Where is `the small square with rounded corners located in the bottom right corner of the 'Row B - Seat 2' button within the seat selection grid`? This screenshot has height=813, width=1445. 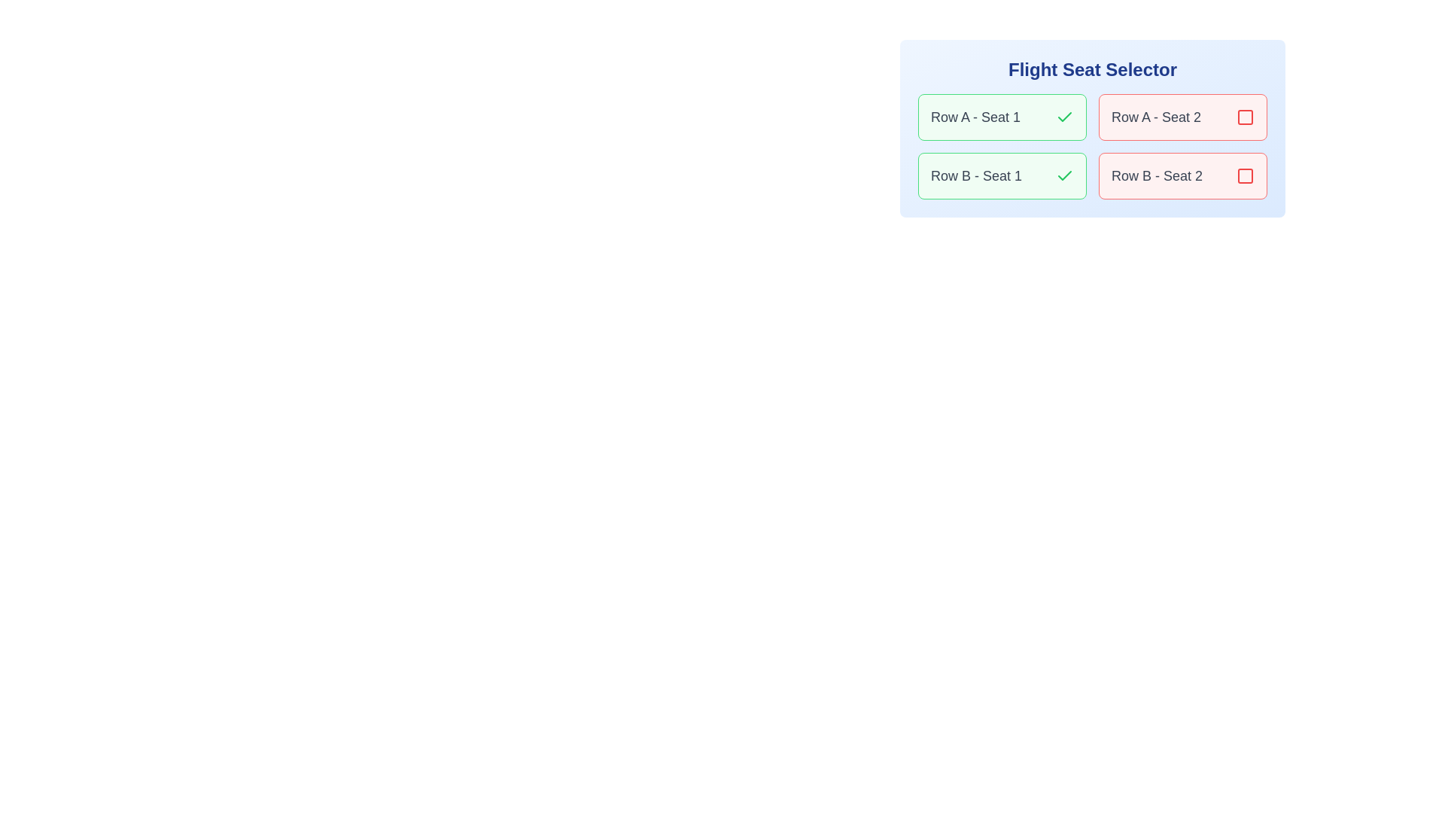 the small square with rounded corners located in the bottom right corner of the 'Row B - Seat 2' button within the seat selection grid is located at coordinates (1246, 175).